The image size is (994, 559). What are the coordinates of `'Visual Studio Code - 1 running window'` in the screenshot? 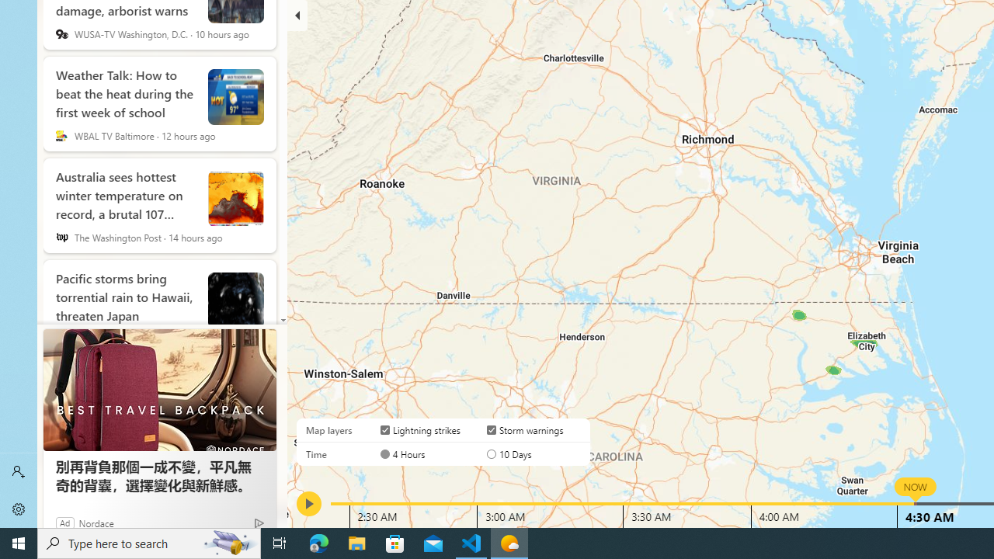 It's located at (471, 542).